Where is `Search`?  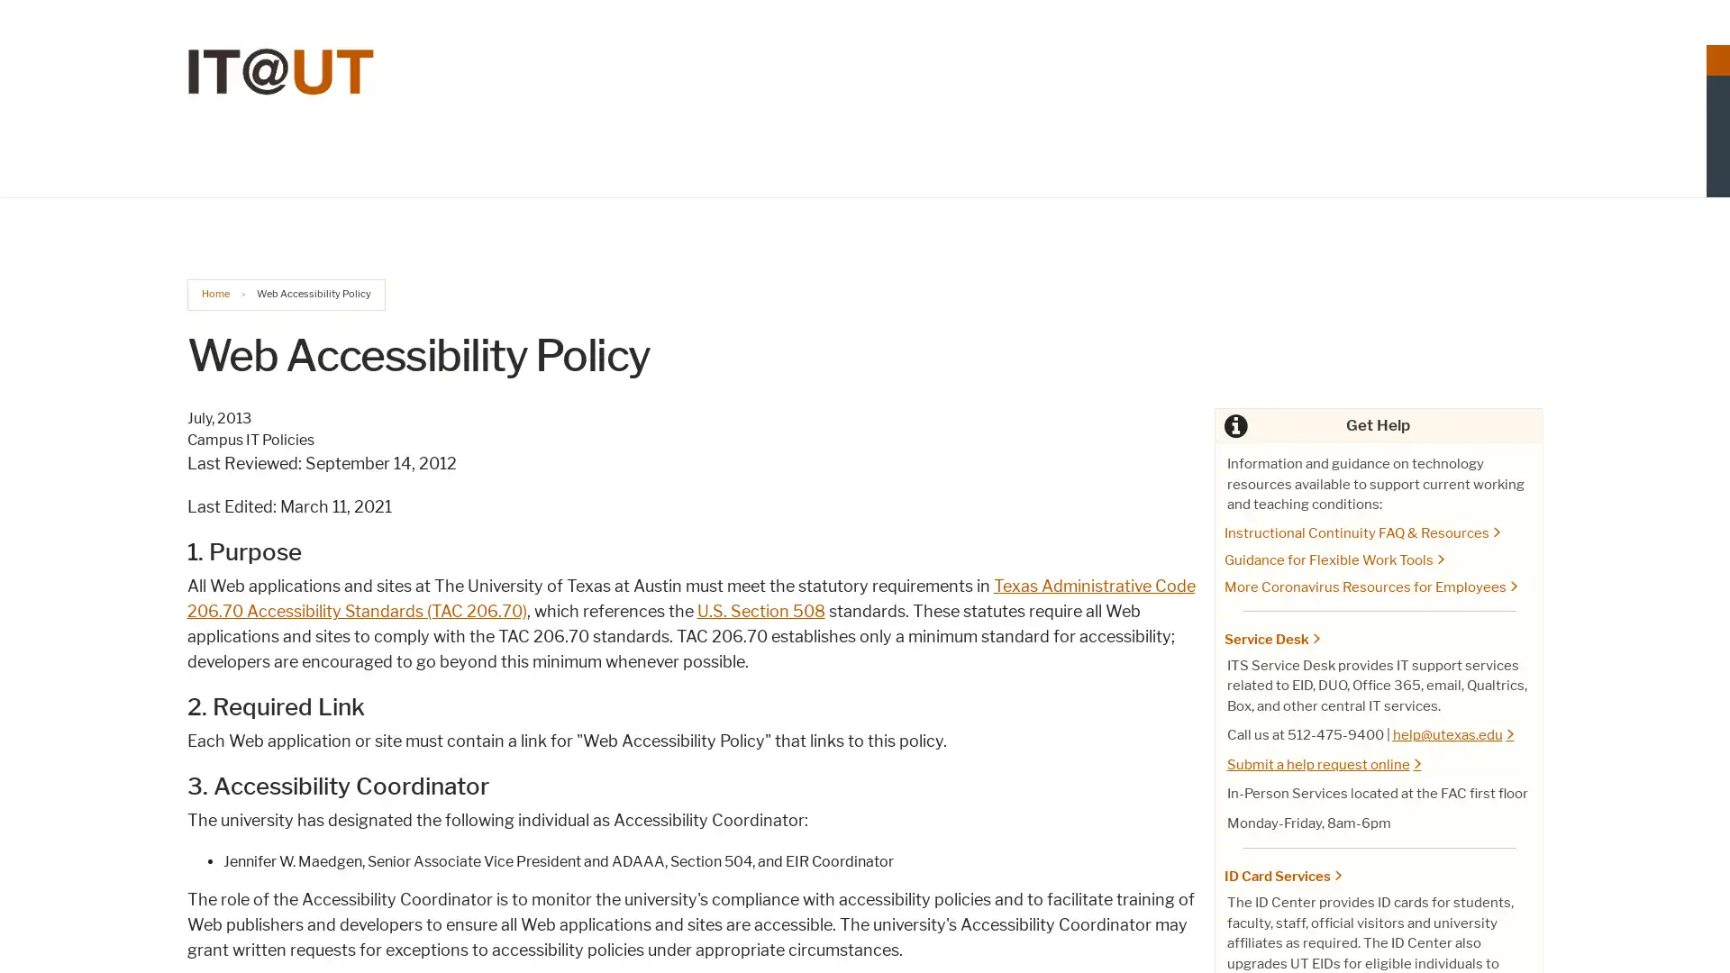 Search is located at coordinates (1524, 131).